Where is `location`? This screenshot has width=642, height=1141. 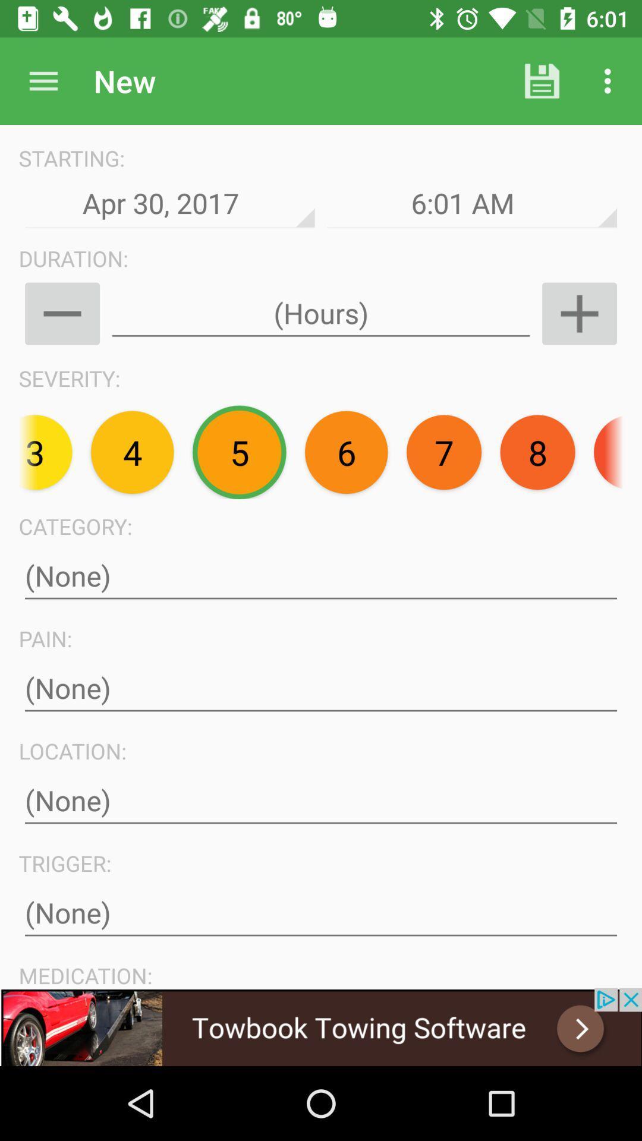
location is located at coordinates (321, 800).